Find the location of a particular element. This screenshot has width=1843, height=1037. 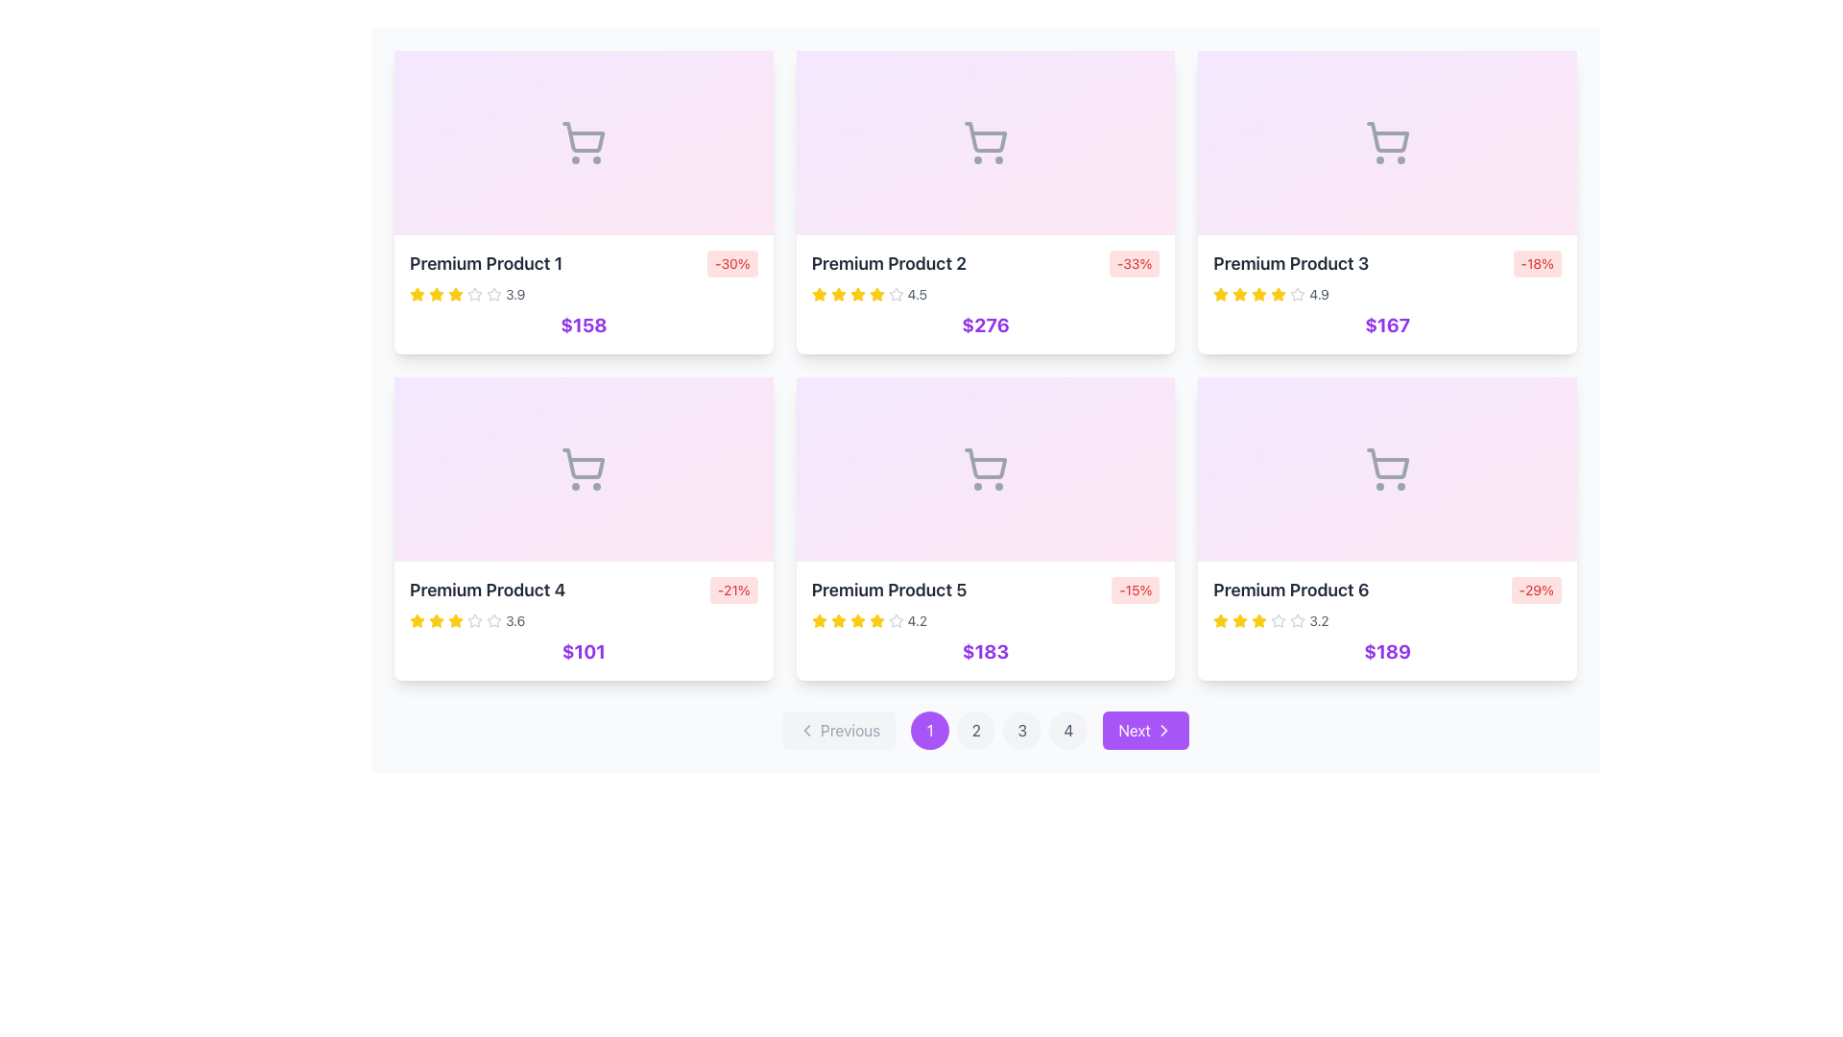

the third star-shaped icon representing the third rating level for 'Premium Product 5' in the rating system is located at coordinates (895, 620).